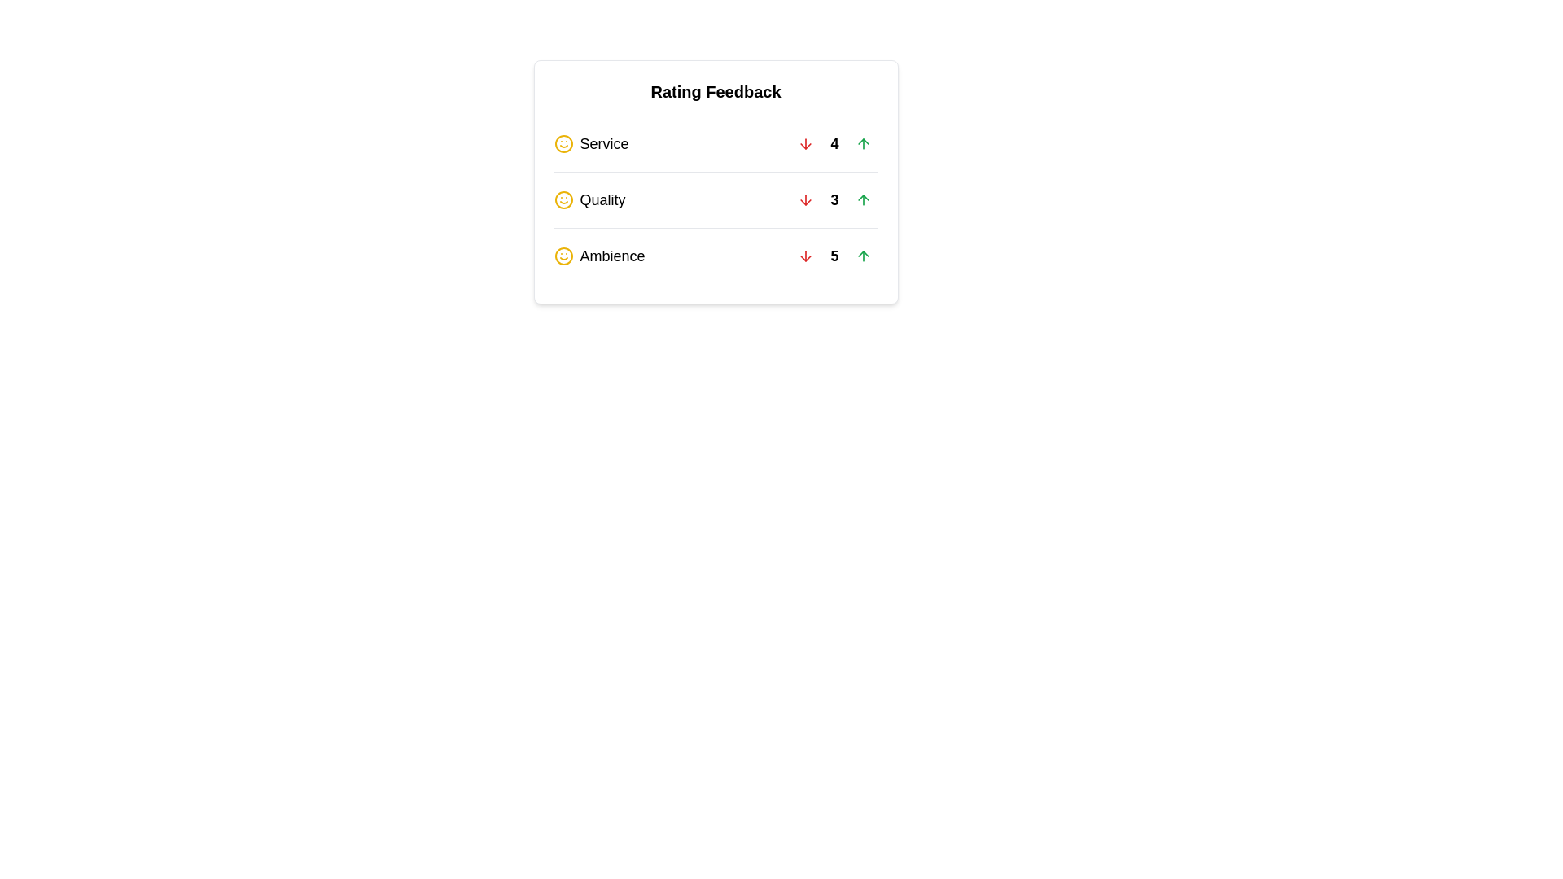 The height and width of the screenshot is (879, 1563). What do you see at coordinates (589, 199) in the screenshot?
I see `the 'Quality' label with a yellow smiling face icon, positioned between 'Service' and 'Ambience' in the left section of the list` at bounding box center [589, 199].